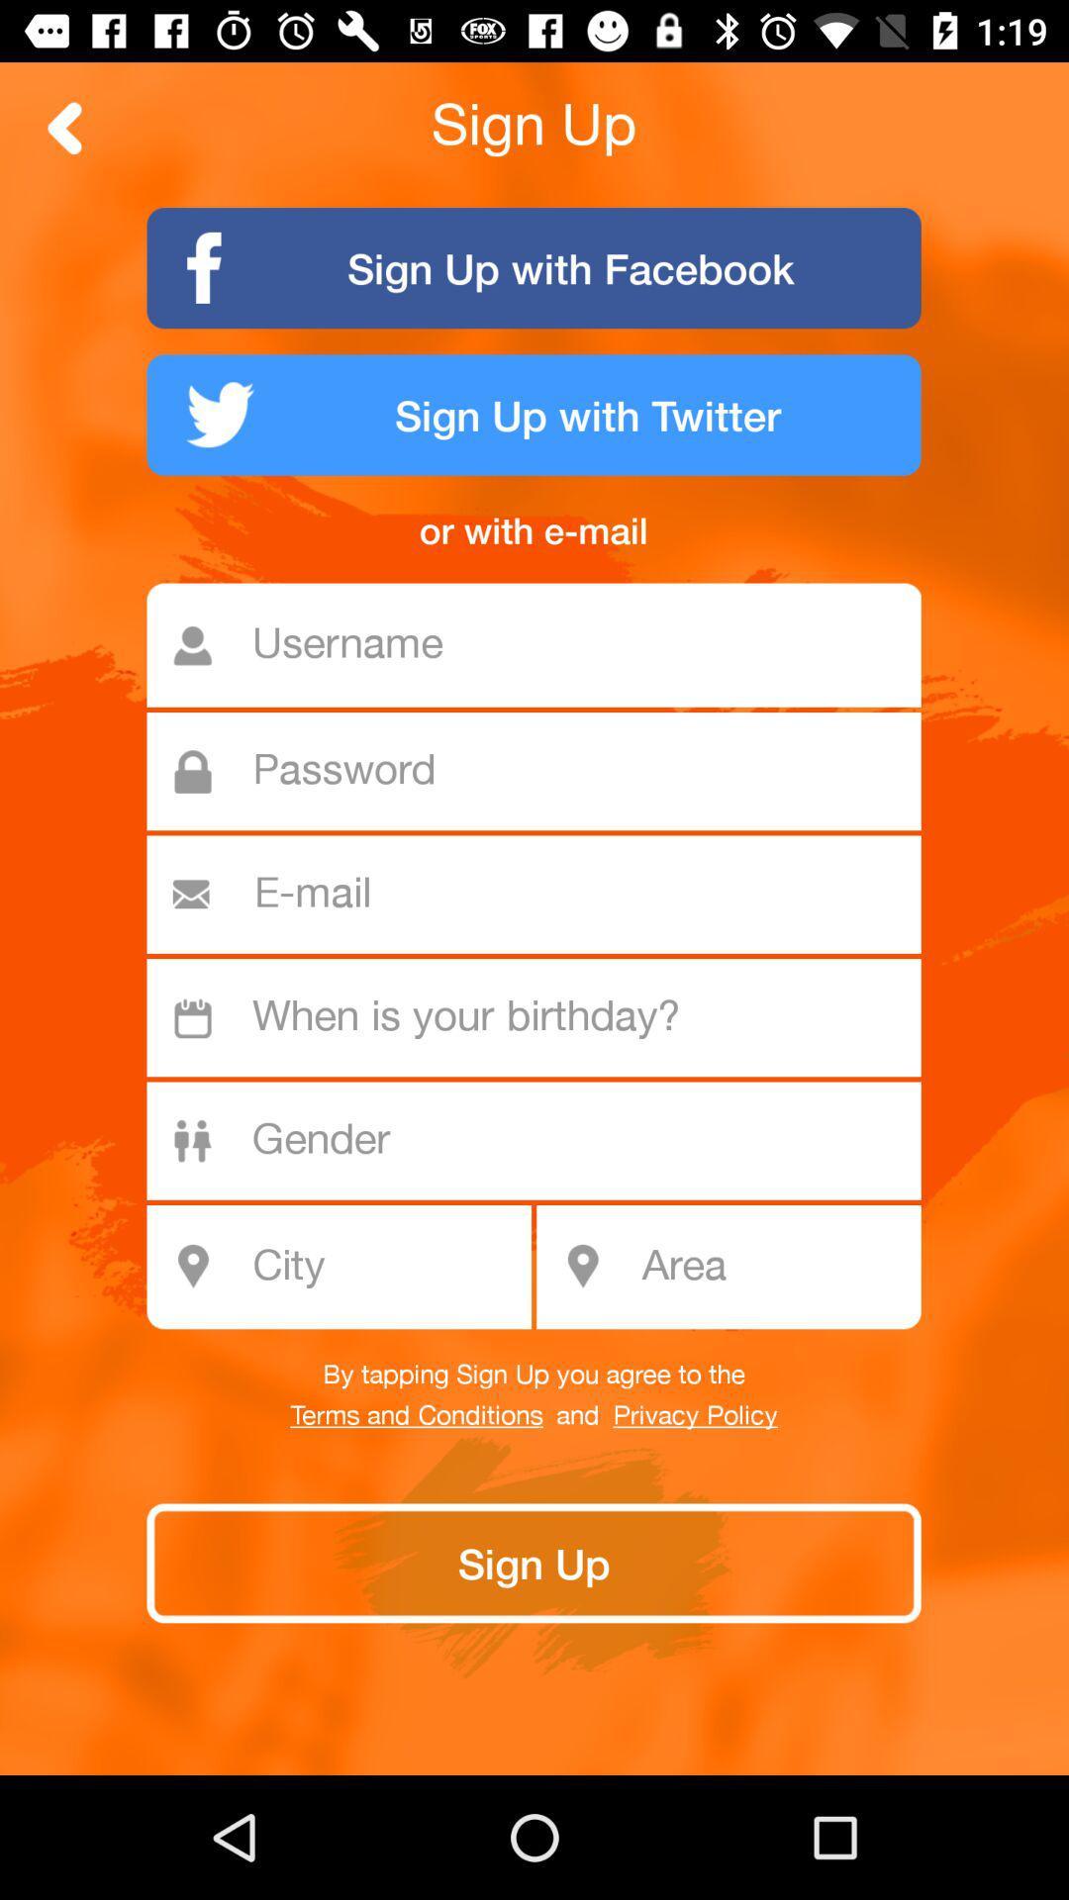  What do you see at coordinates (544, 1017) in the screenshot?
I see `write birthday` at bounding box center [544, 1017].